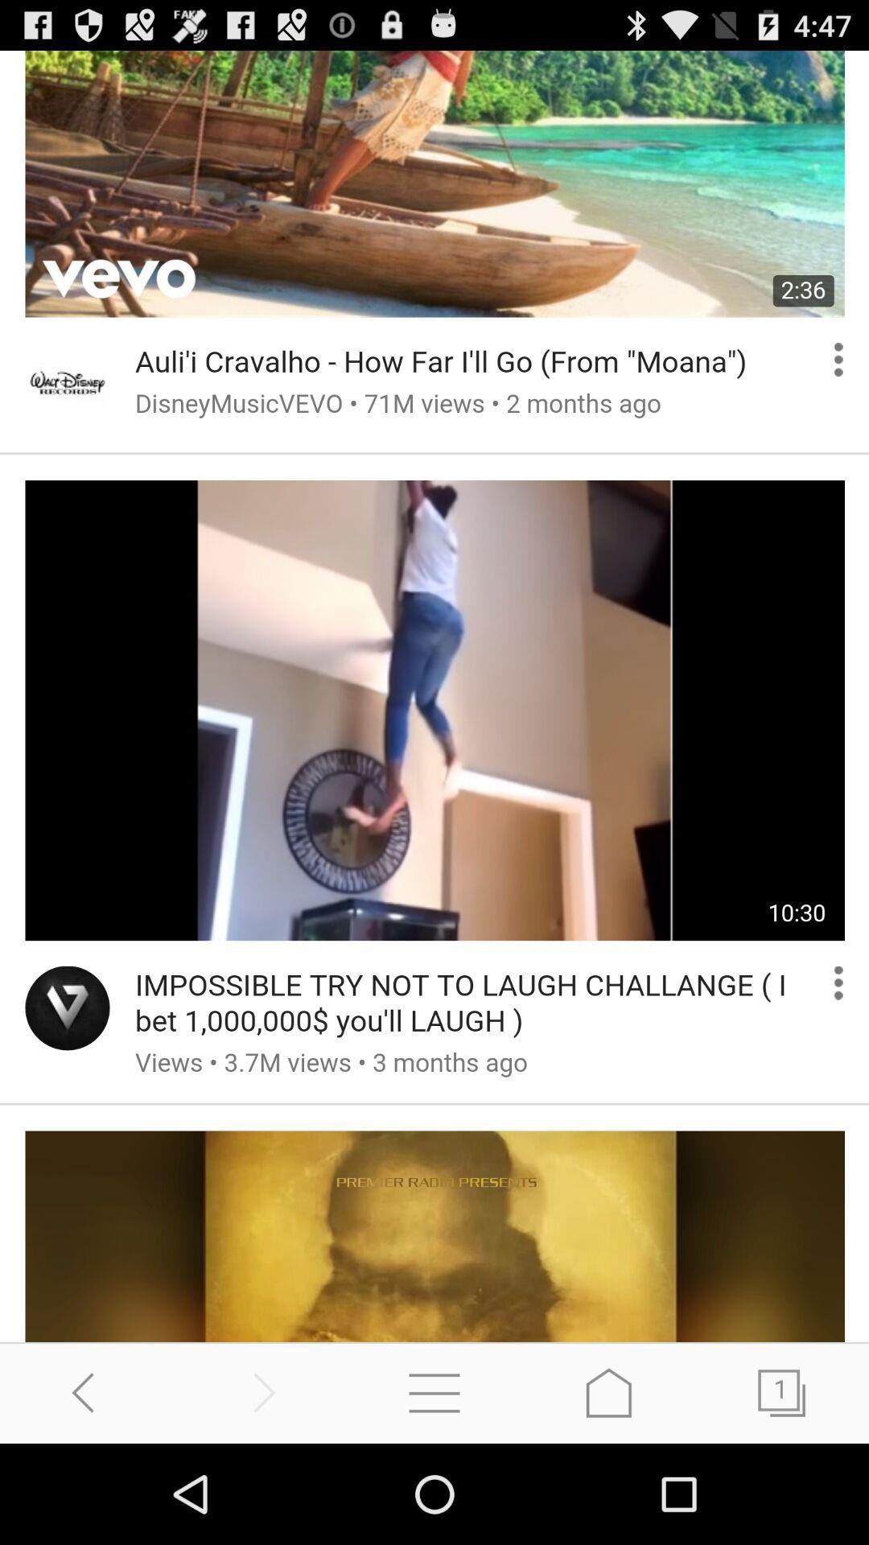 This screenshot has height=1545, width=869. Describe the element at coordinates (781, 1392) in the screenshot. I see `the tabs` at that location.